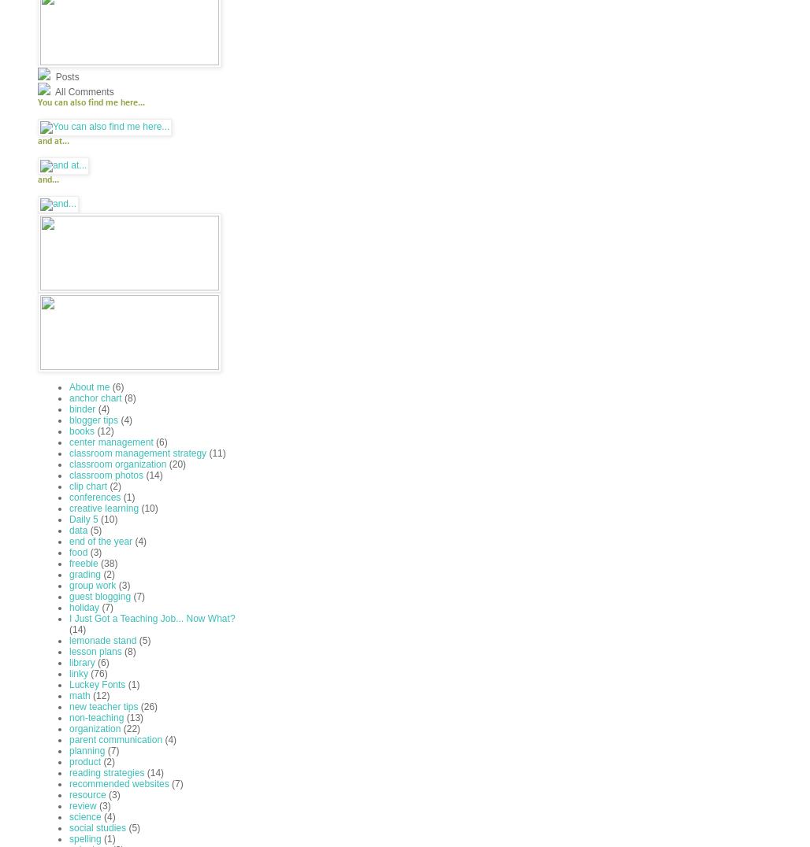 The image size is (810, 847). What do you see at coordinates (168, 464) in the screenshot?
I see `'(20)'` at bounding box center [168, 464].